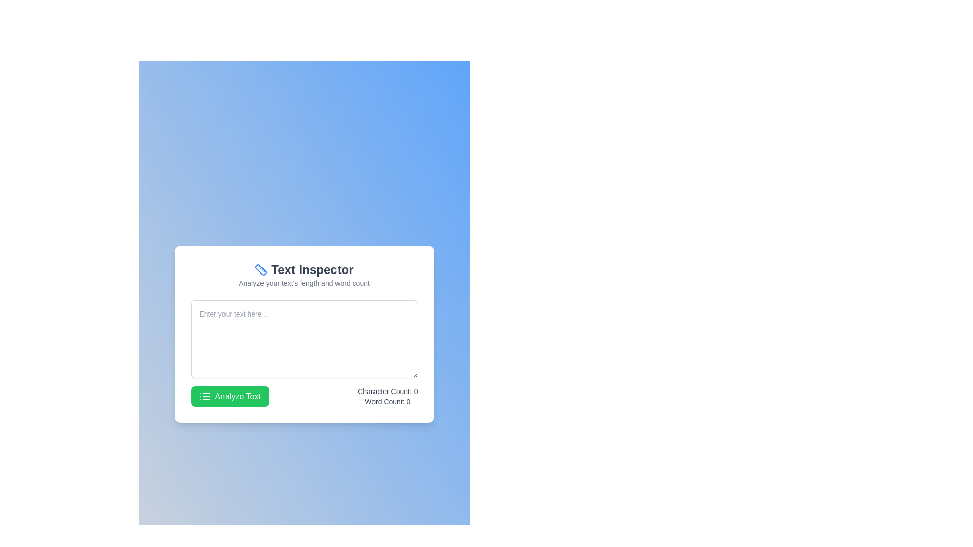 The width and height of the screenshot is (973, 547). I want to click on the Static Text Label displaying 'Word Count: 0', which is located in the lower-right corner of the card interface below the 'Character Count: 0', so click(387, 401).